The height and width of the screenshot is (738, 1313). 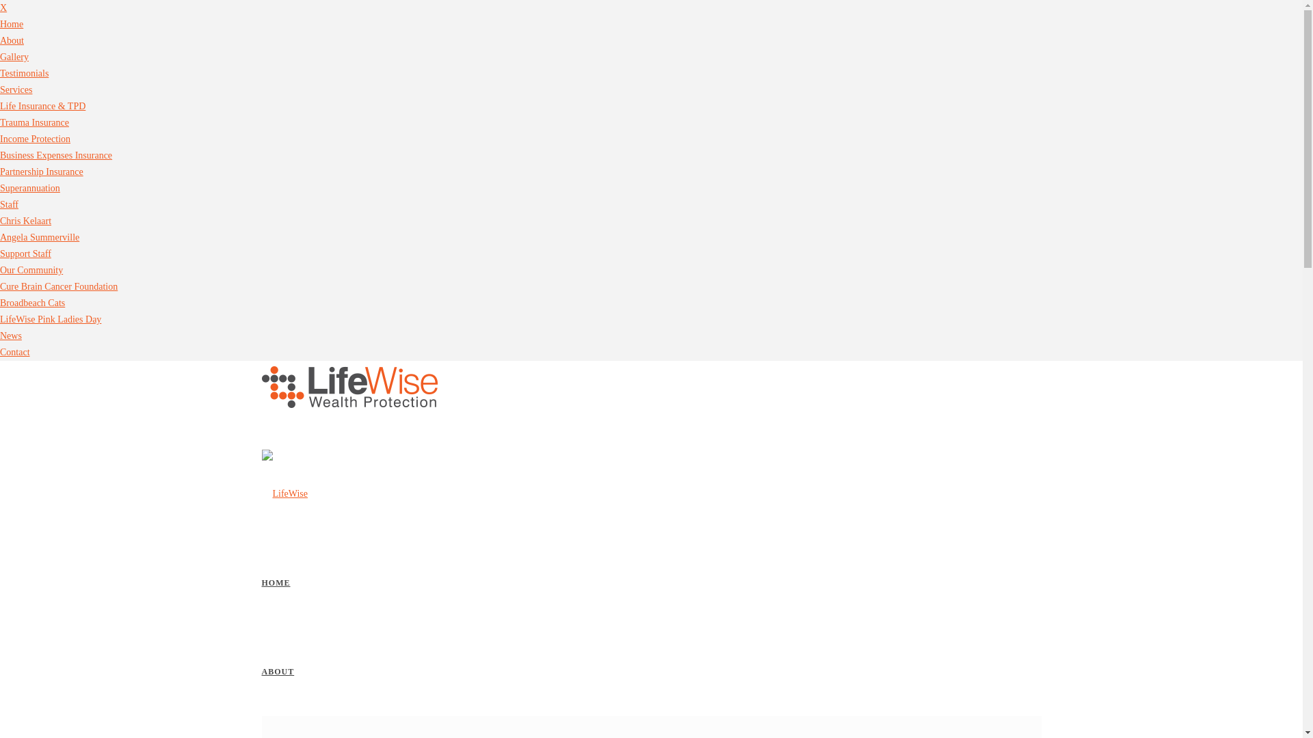 I want to click on 'HOME', so click(x=275, y=582).